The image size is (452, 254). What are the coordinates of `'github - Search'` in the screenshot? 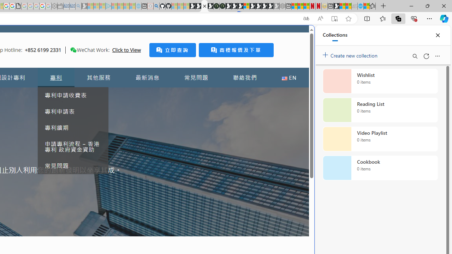 It's located at (156, 6).